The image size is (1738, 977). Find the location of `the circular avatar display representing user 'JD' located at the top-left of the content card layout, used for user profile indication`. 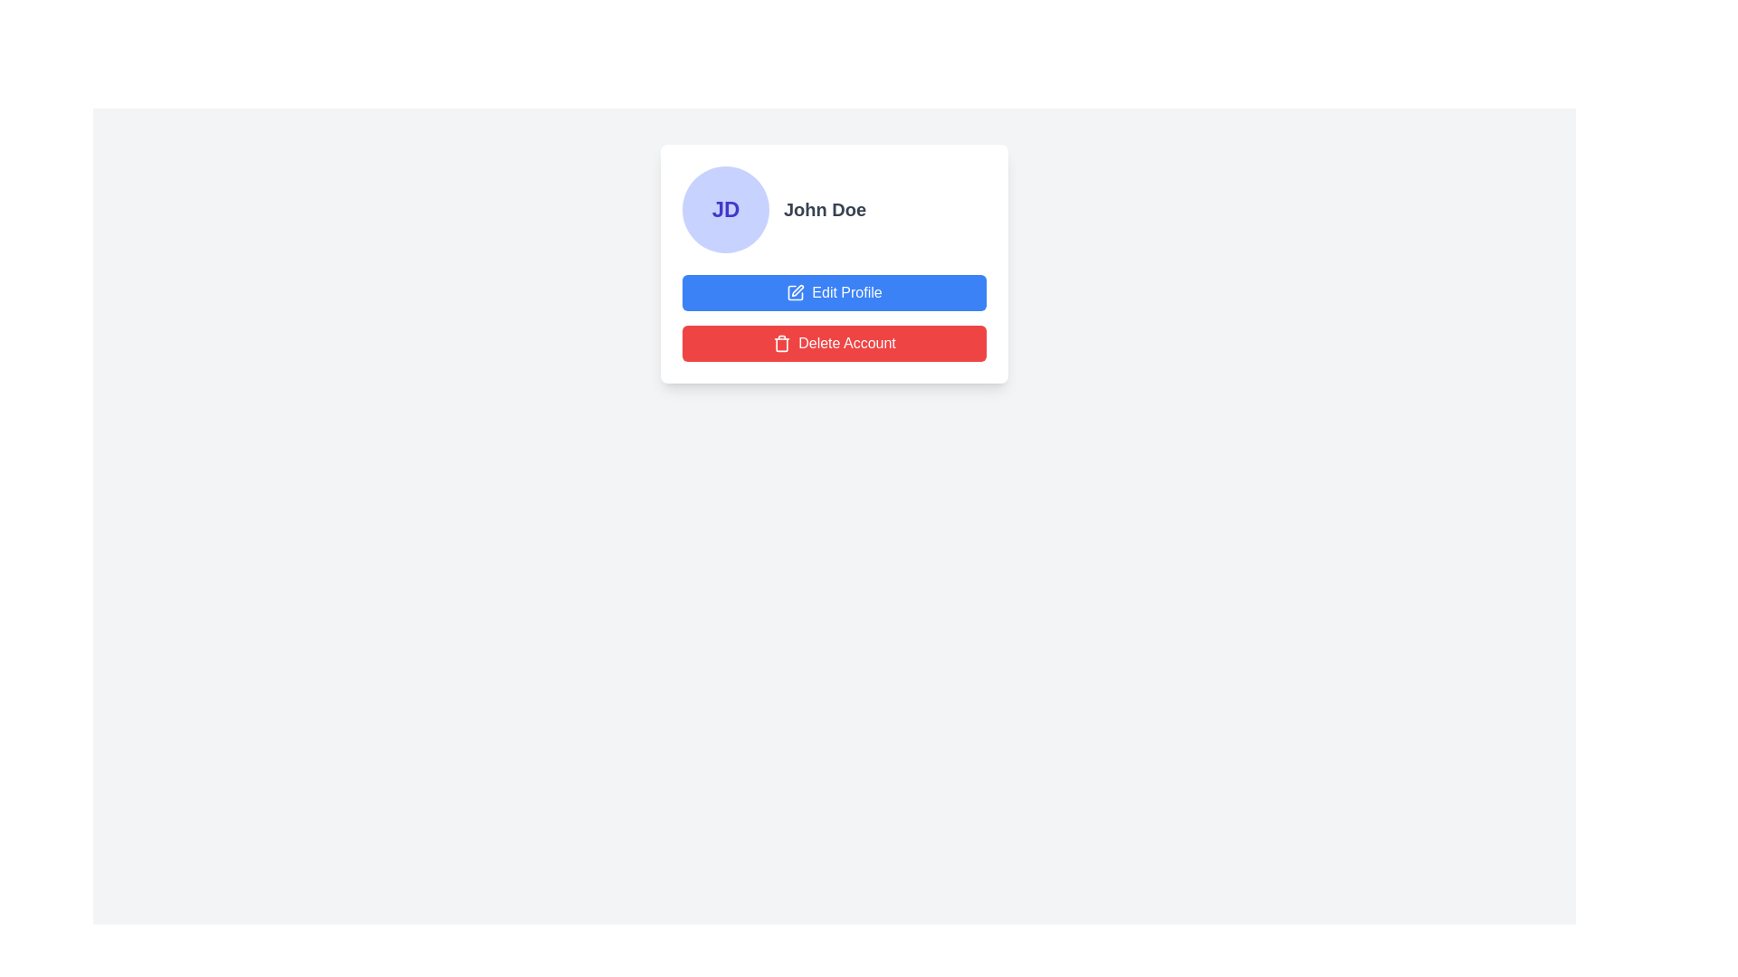

the circular avatar display representing user 'JD' located at the top-left of the content card layout, used for user profile indication is located at coordinates (725, 208).